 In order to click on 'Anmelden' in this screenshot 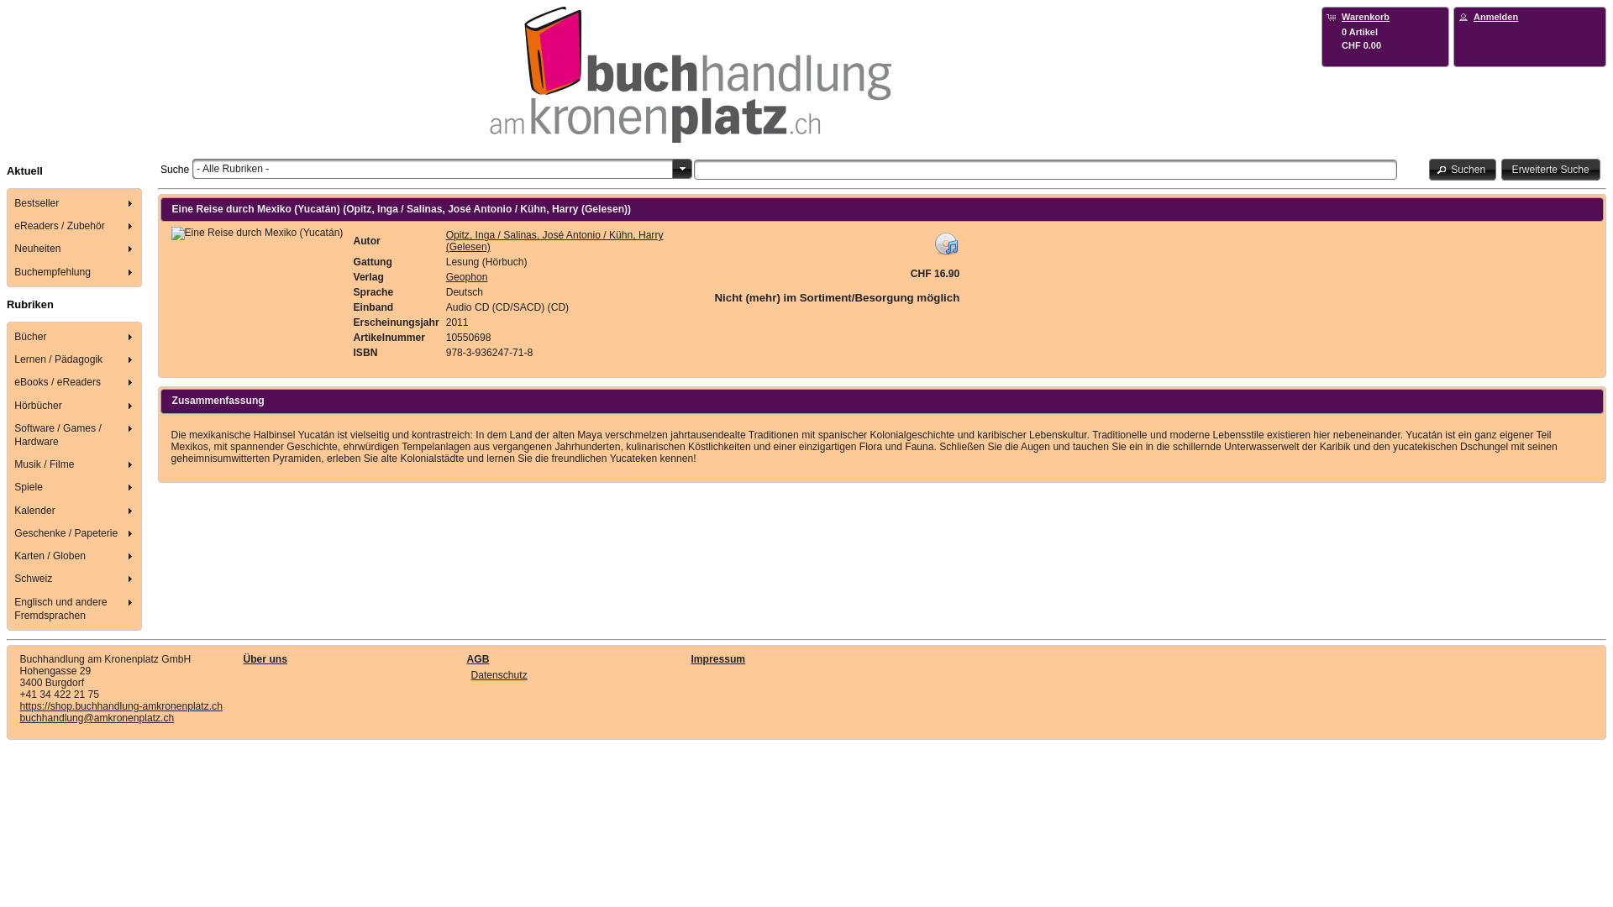, I will do `click(1495, 16)`.